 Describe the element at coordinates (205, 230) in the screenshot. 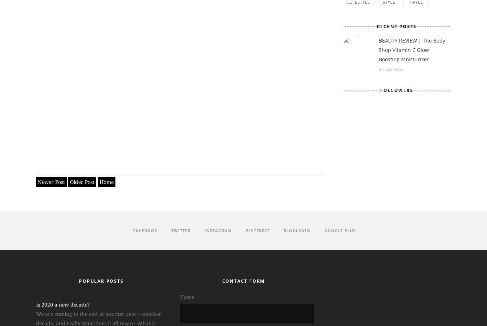

I see `'Instagram'` at that location.